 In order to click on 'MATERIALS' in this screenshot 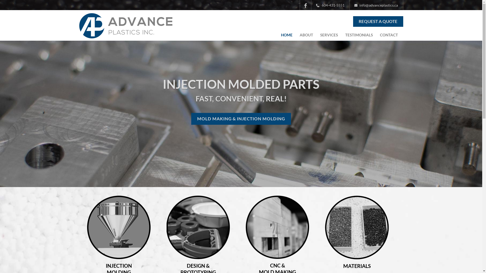, I will do `click(343, 266)`.